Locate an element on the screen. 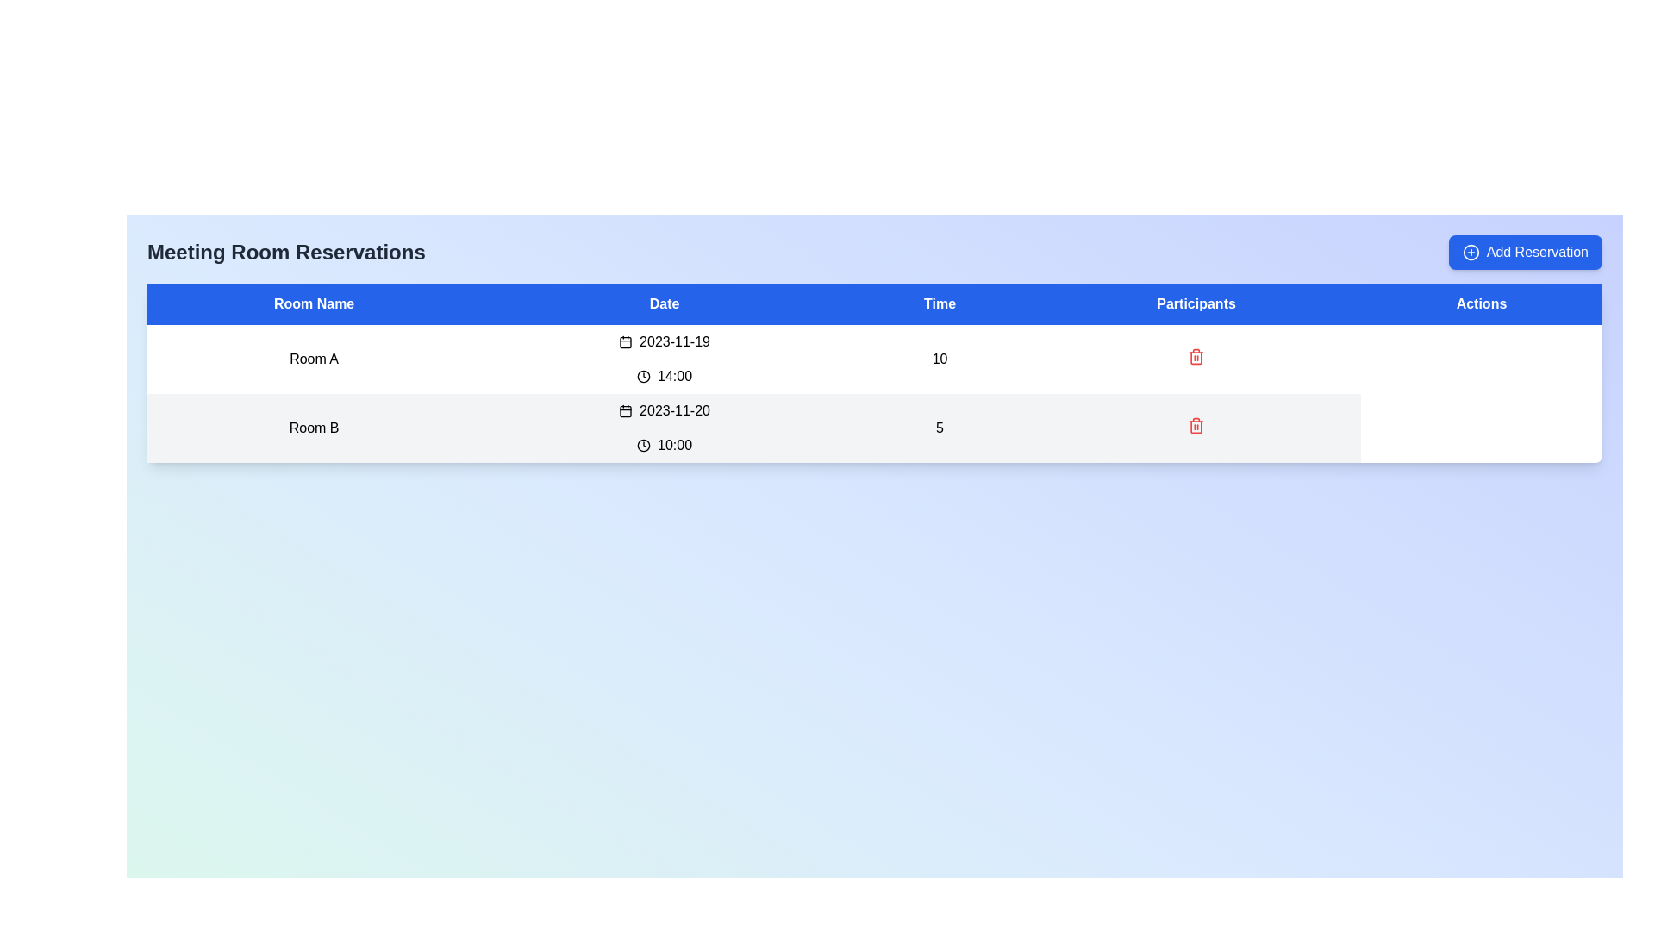 This screenshot has height=931, width=1655. the static text label with the word 'Time' written in white font on a solid blue background, which is the third header in a tabular header bar is located at coordinates (939, 303).